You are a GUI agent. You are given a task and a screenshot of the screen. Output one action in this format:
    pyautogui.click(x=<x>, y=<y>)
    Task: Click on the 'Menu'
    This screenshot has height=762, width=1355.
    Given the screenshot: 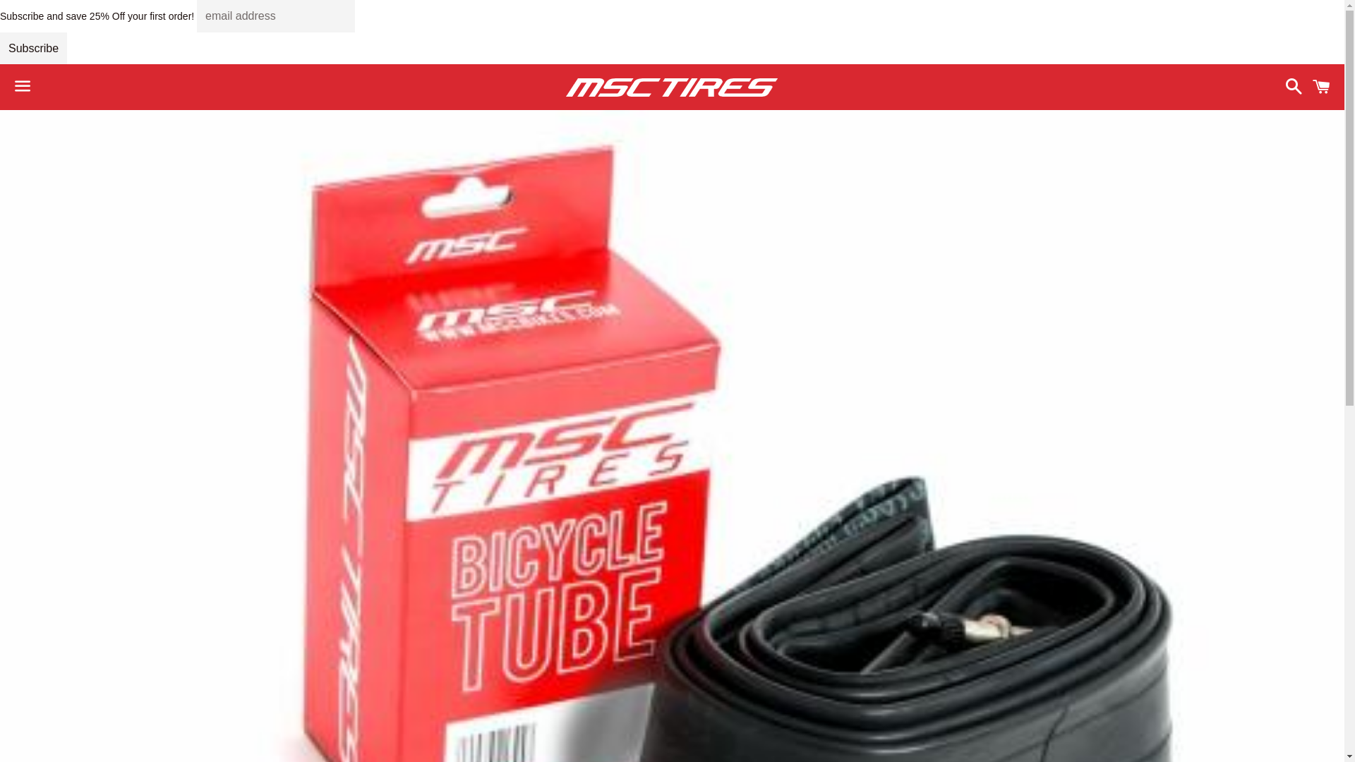 What is the action you would take?
    pyautogui.click(x=23, y=87)
    